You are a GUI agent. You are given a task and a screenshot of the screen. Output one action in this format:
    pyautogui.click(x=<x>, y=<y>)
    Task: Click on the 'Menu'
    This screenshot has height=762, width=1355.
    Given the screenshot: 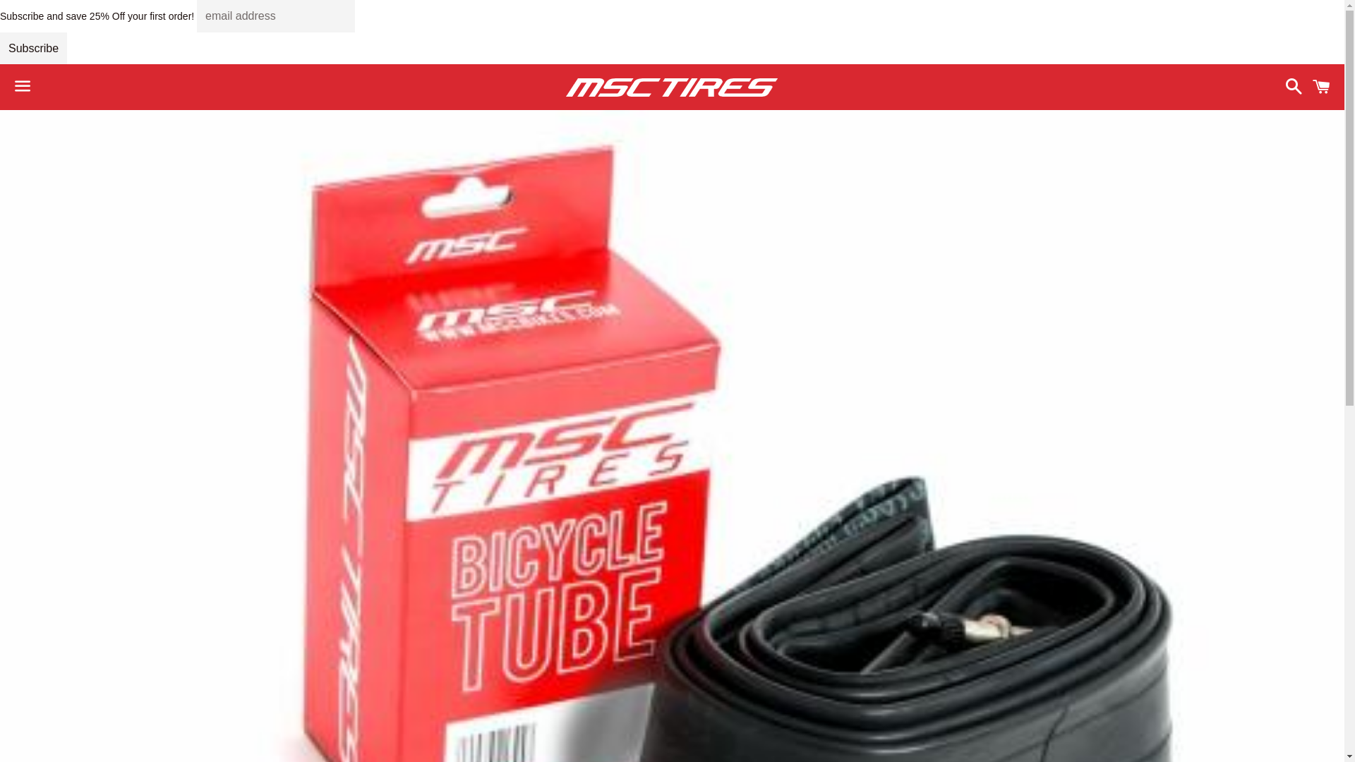 What is the action you would take?
    pyautogui.click(x=23, y=87)
    